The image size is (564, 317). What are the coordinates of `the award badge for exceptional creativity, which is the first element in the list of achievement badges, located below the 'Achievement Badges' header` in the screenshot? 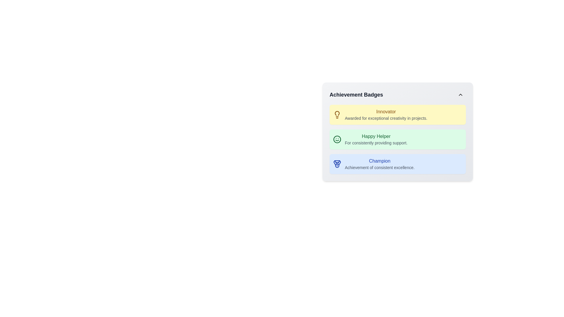 It's located at (397, 114).